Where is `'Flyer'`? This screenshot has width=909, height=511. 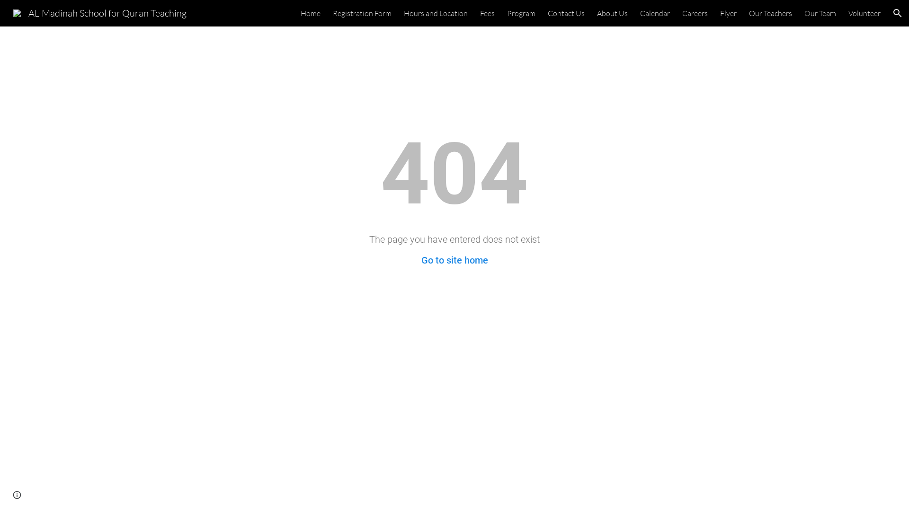 'Flyer' is located at coordinates (728, 13).